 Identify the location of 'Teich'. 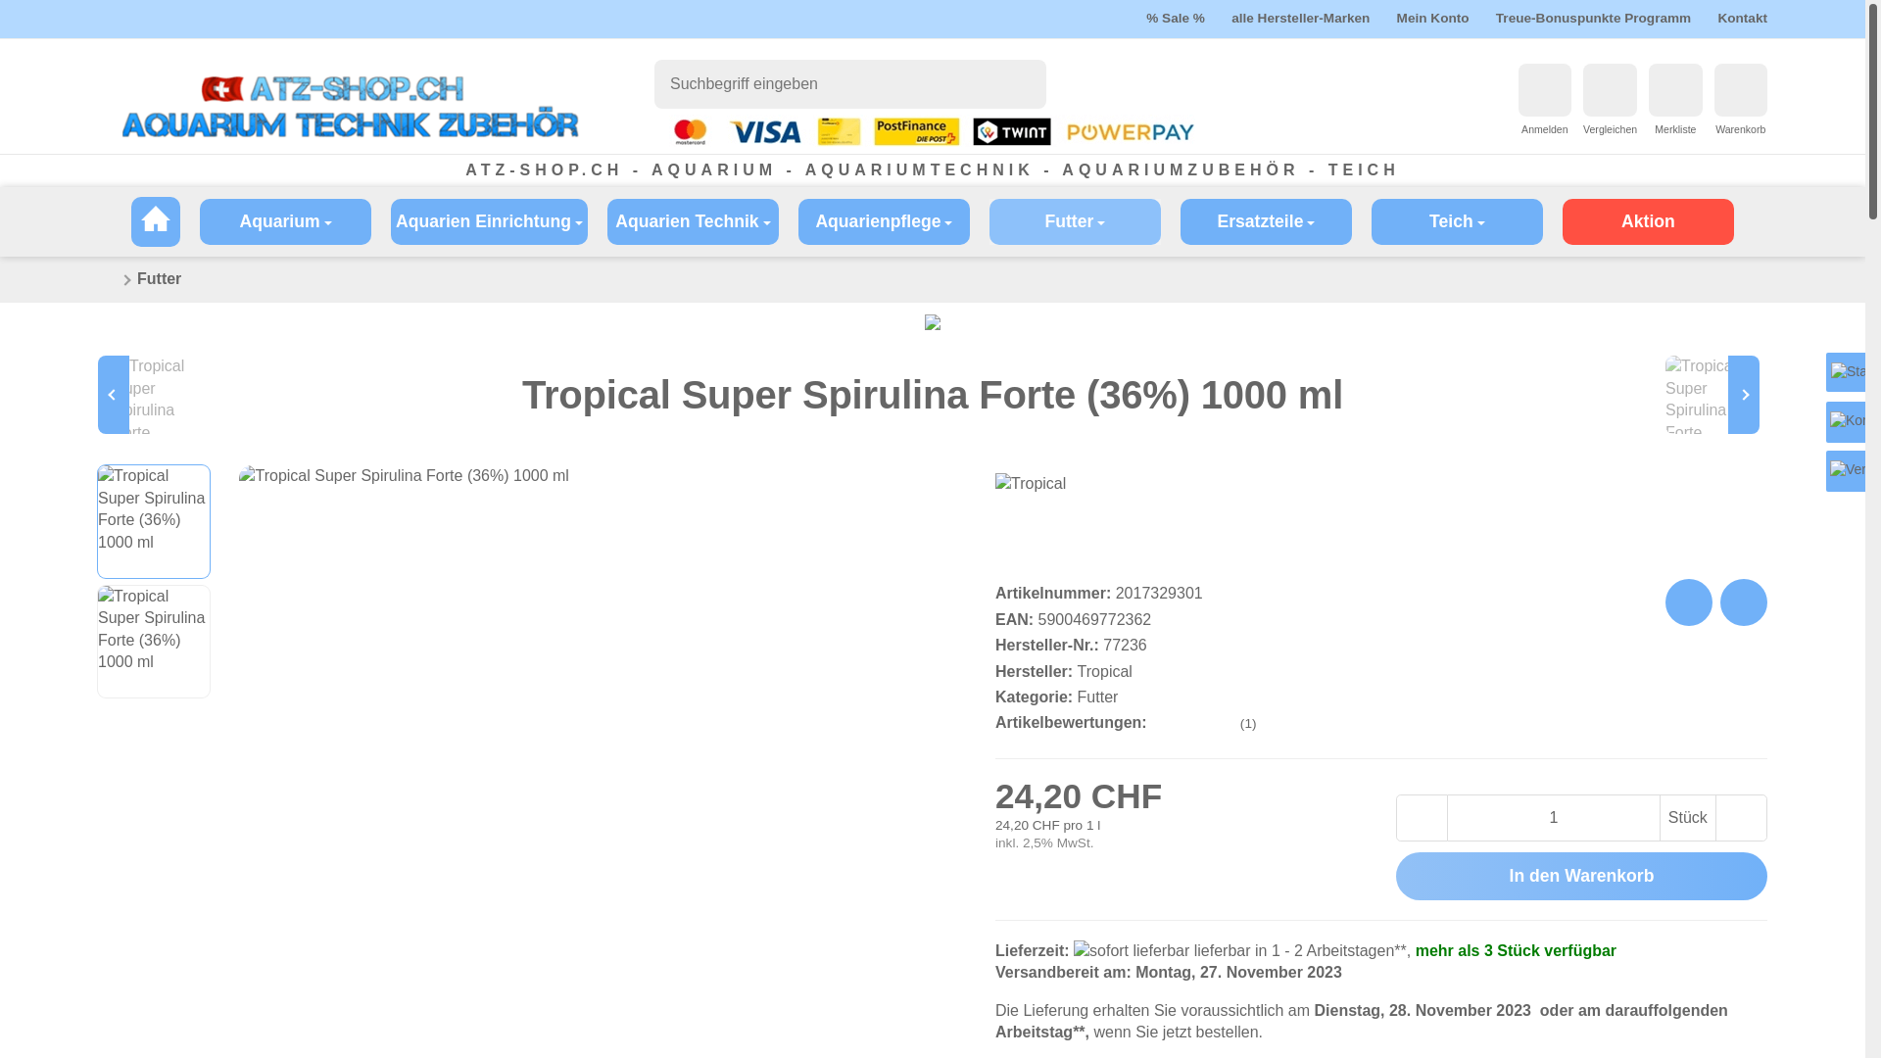
(1457, 220).